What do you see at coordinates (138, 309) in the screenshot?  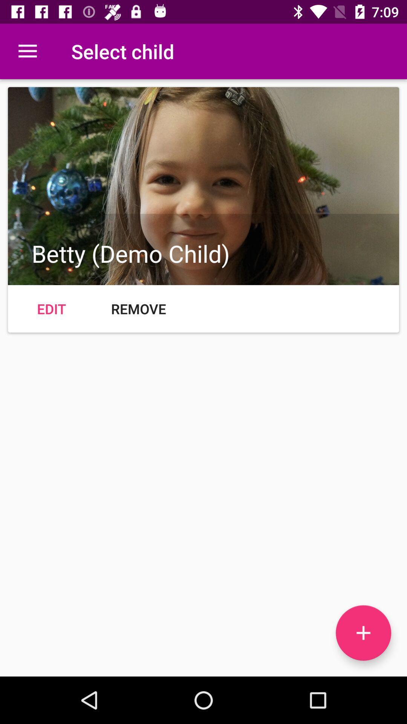 I see `the remove item` at bounding box center [138, 309].